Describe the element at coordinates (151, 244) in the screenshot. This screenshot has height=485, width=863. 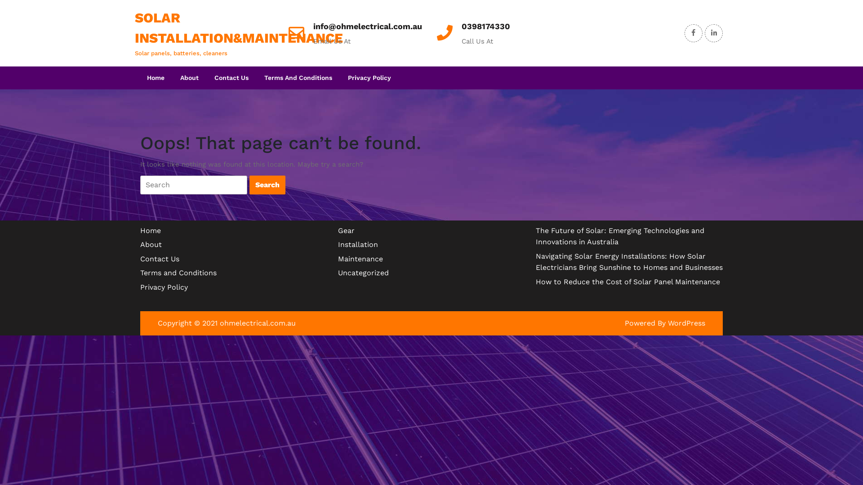
I see `'About'` at that location.